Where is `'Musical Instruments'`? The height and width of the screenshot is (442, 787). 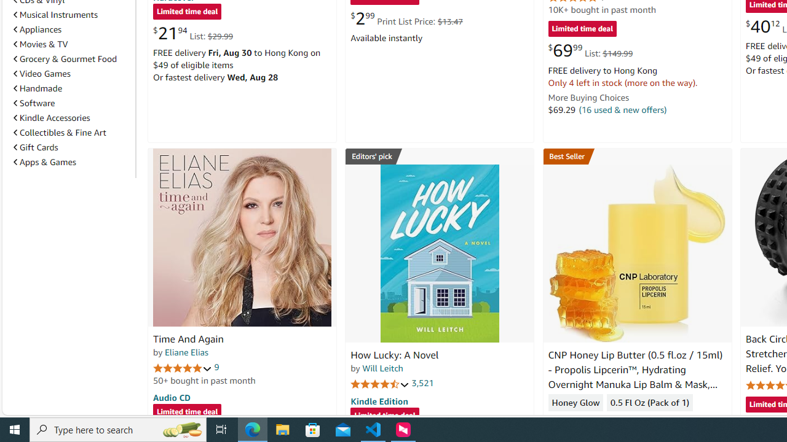
'Musical Instruments' is located at coordinates (55, 15).